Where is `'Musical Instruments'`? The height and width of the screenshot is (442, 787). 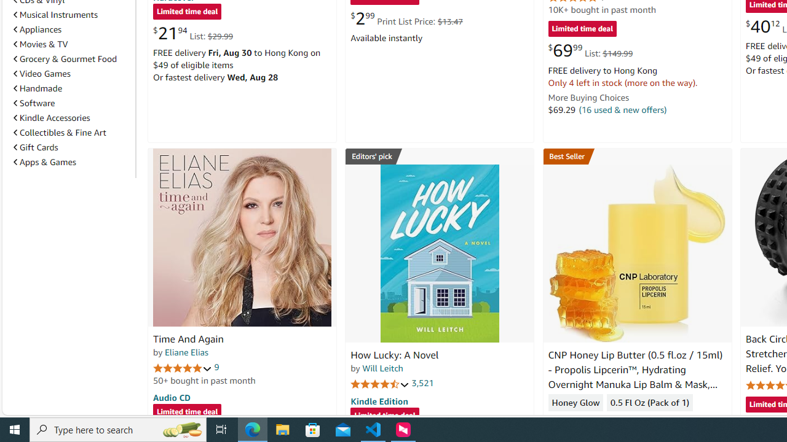
'Musical Instruments' is located at coordinates (55, 15).